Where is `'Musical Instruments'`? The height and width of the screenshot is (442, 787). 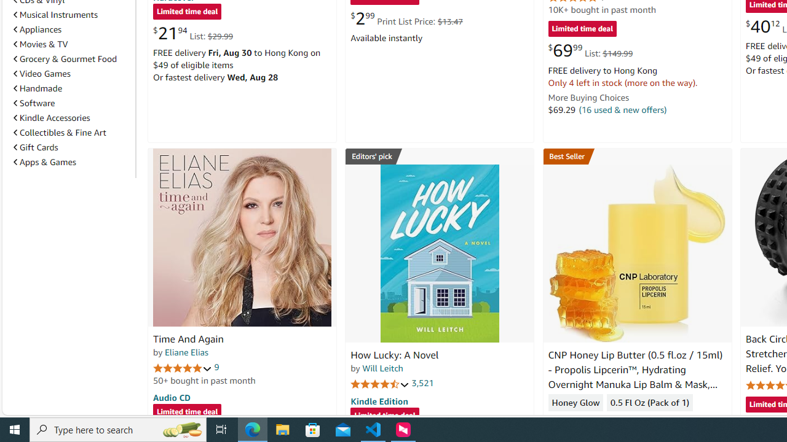
'Musical Instruments' is located at coordinates (55, 15).